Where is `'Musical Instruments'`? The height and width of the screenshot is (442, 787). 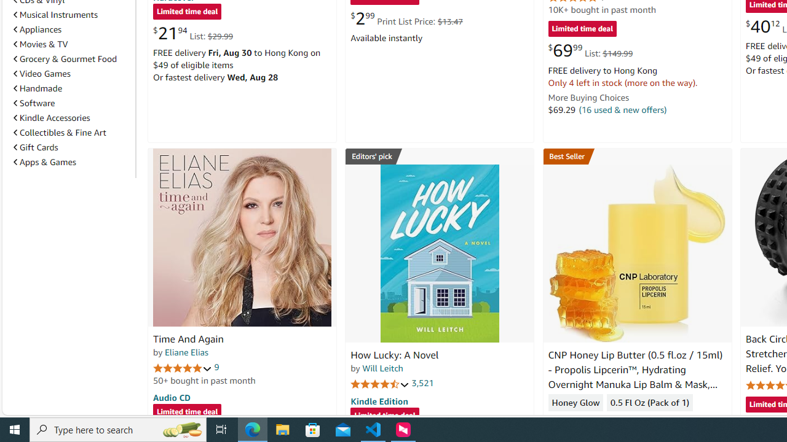
'Musical Instruments' is located at coordinates (55, 15).